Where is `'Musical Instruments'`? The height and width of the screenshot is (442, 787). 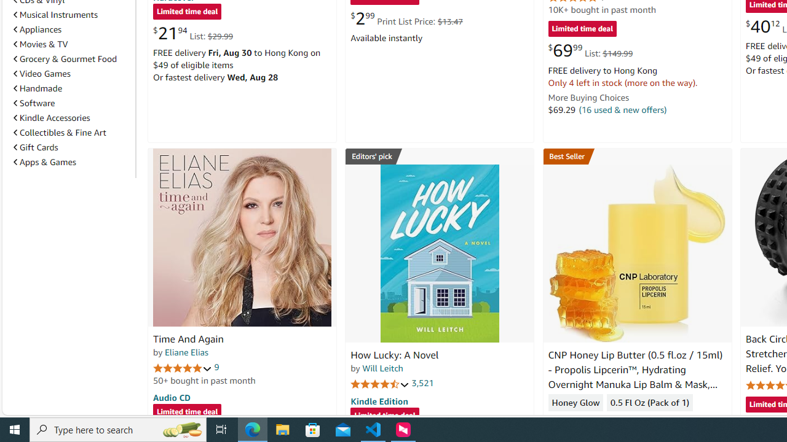
'Musical Instruments' is located at coordinates (55, 15).